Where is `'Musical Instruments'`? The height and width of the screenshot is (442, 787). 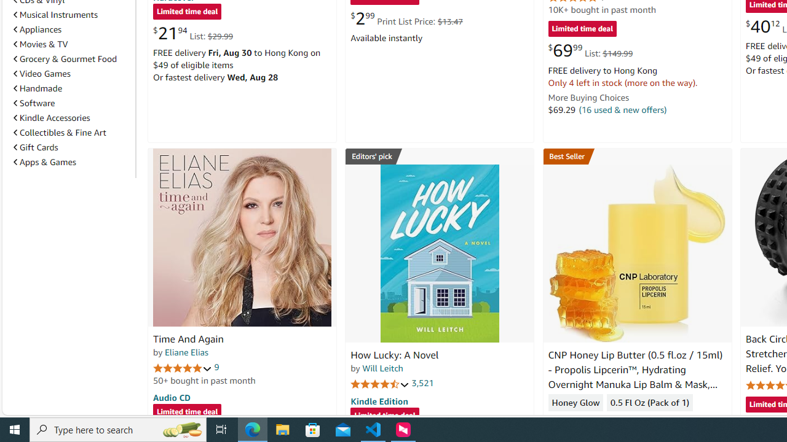
'Musical Instruments' is located at coordinates (55, 15).